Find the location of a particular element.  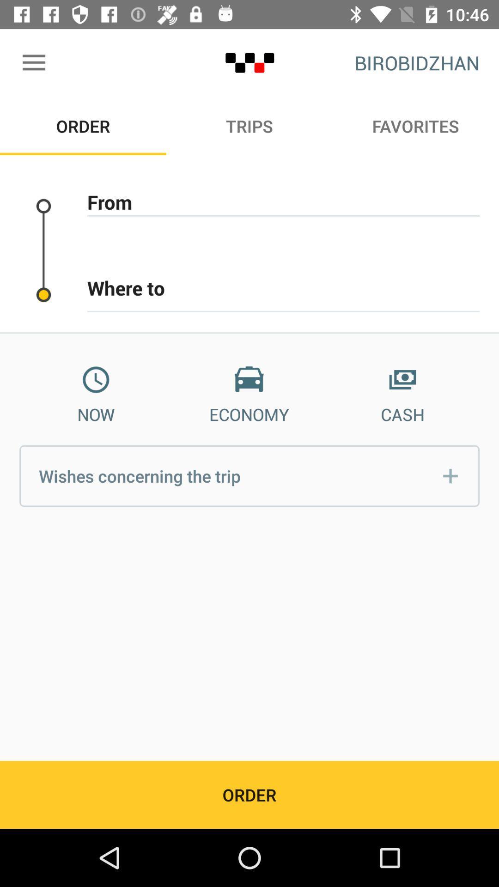

the icon above the favorites icon is located at coordinates (417, 62).